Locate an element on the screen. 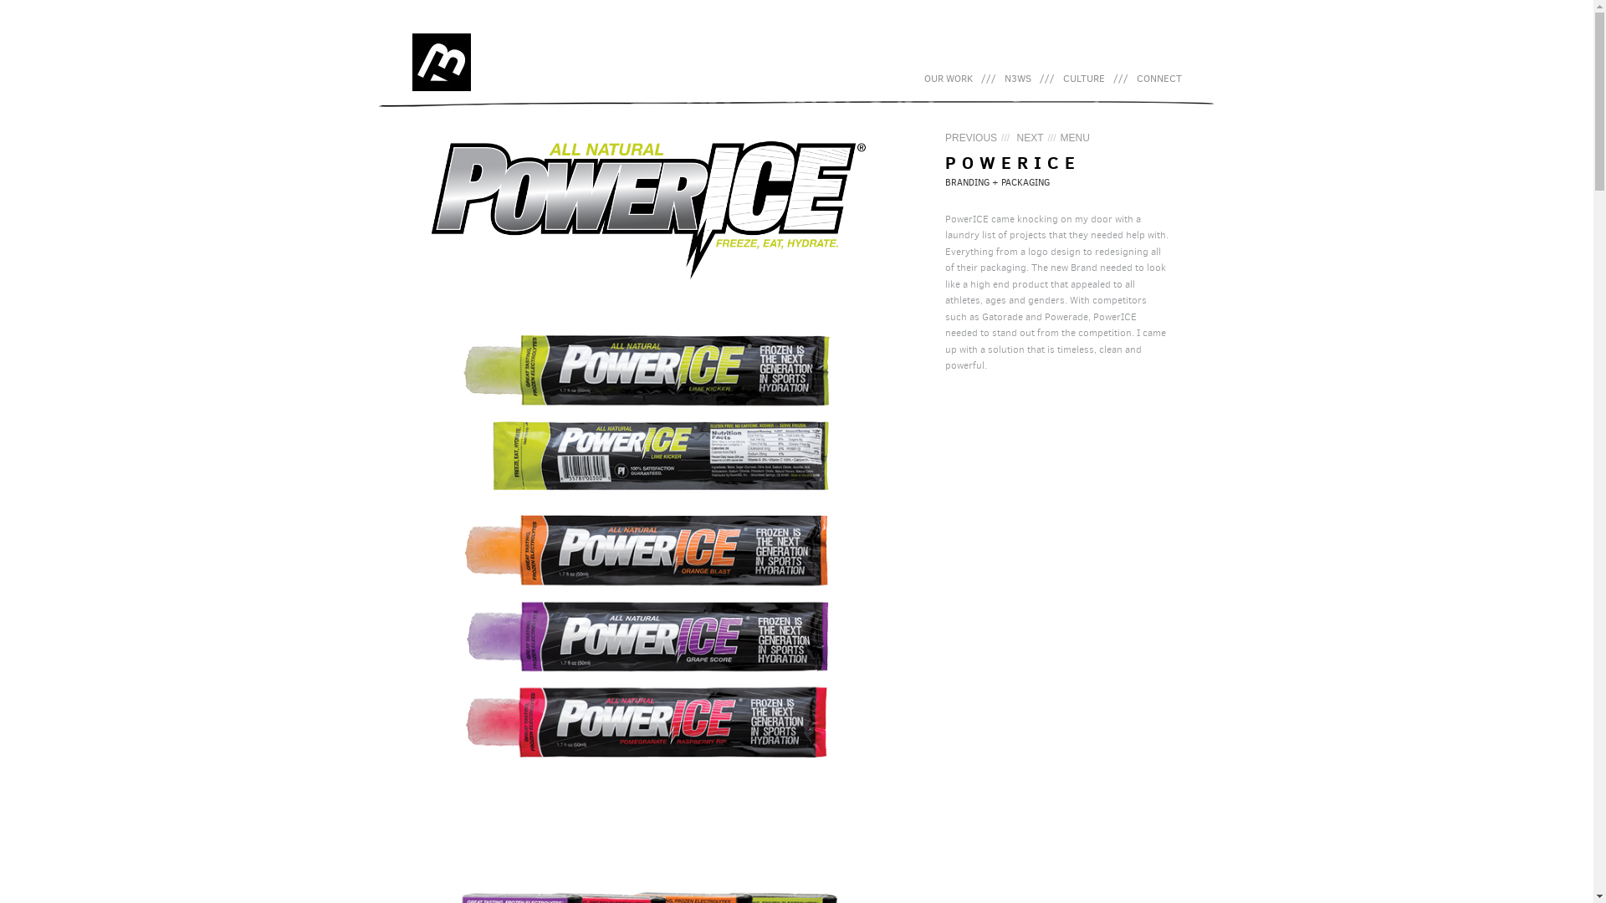 The width and height of the screenshot is (1606, 903). '///' is located at coordinates (1108, 79).